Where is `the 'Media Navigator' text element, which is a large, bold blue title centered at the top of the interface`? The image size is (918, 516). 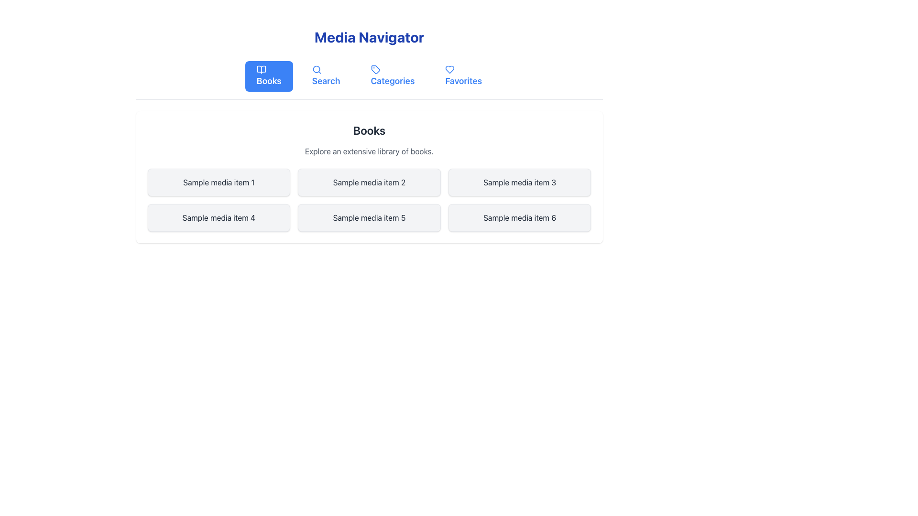 the 'Media Navigator' text element, which is a large, bold blue title centered at the top of the interface is located at coordinates (369, 36).